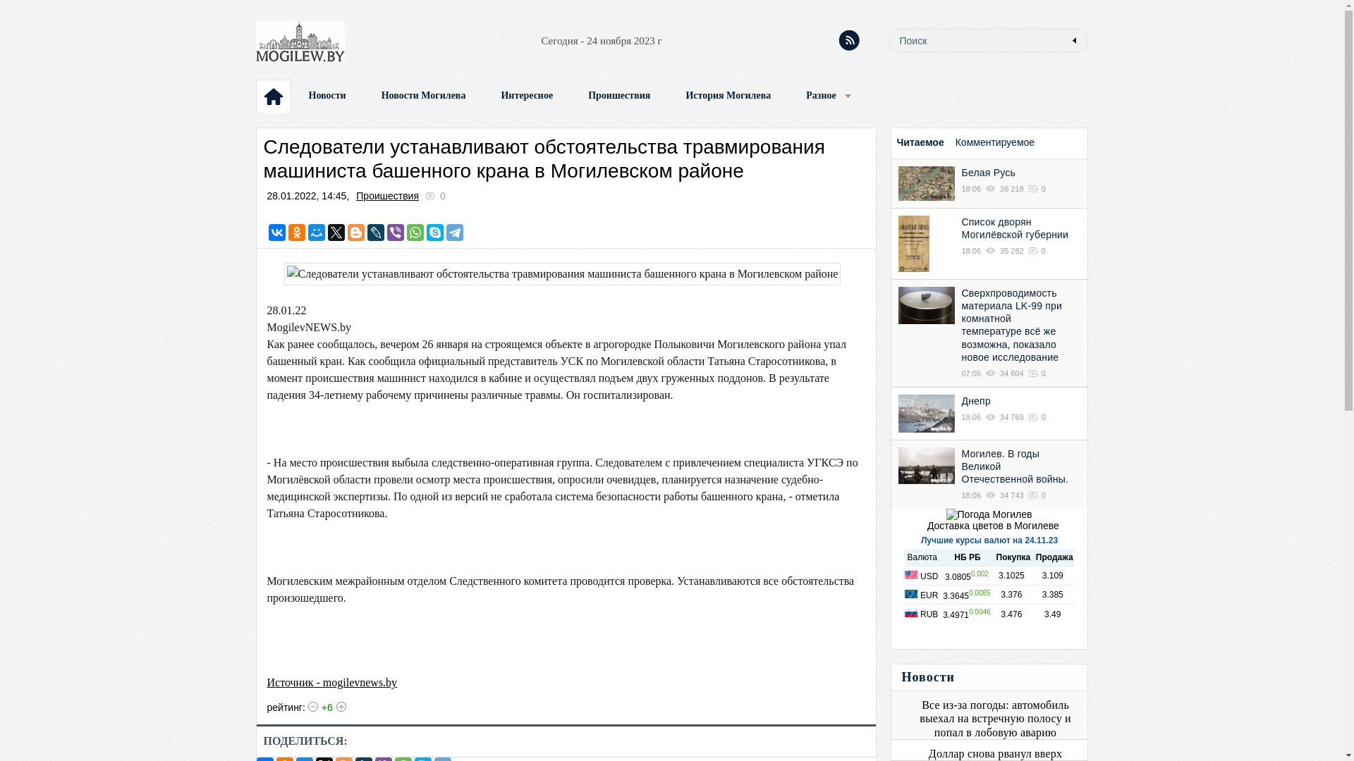  Describe the element at coordinates (454, 232) in the screenshot. I see `'Telegram'` at that location.